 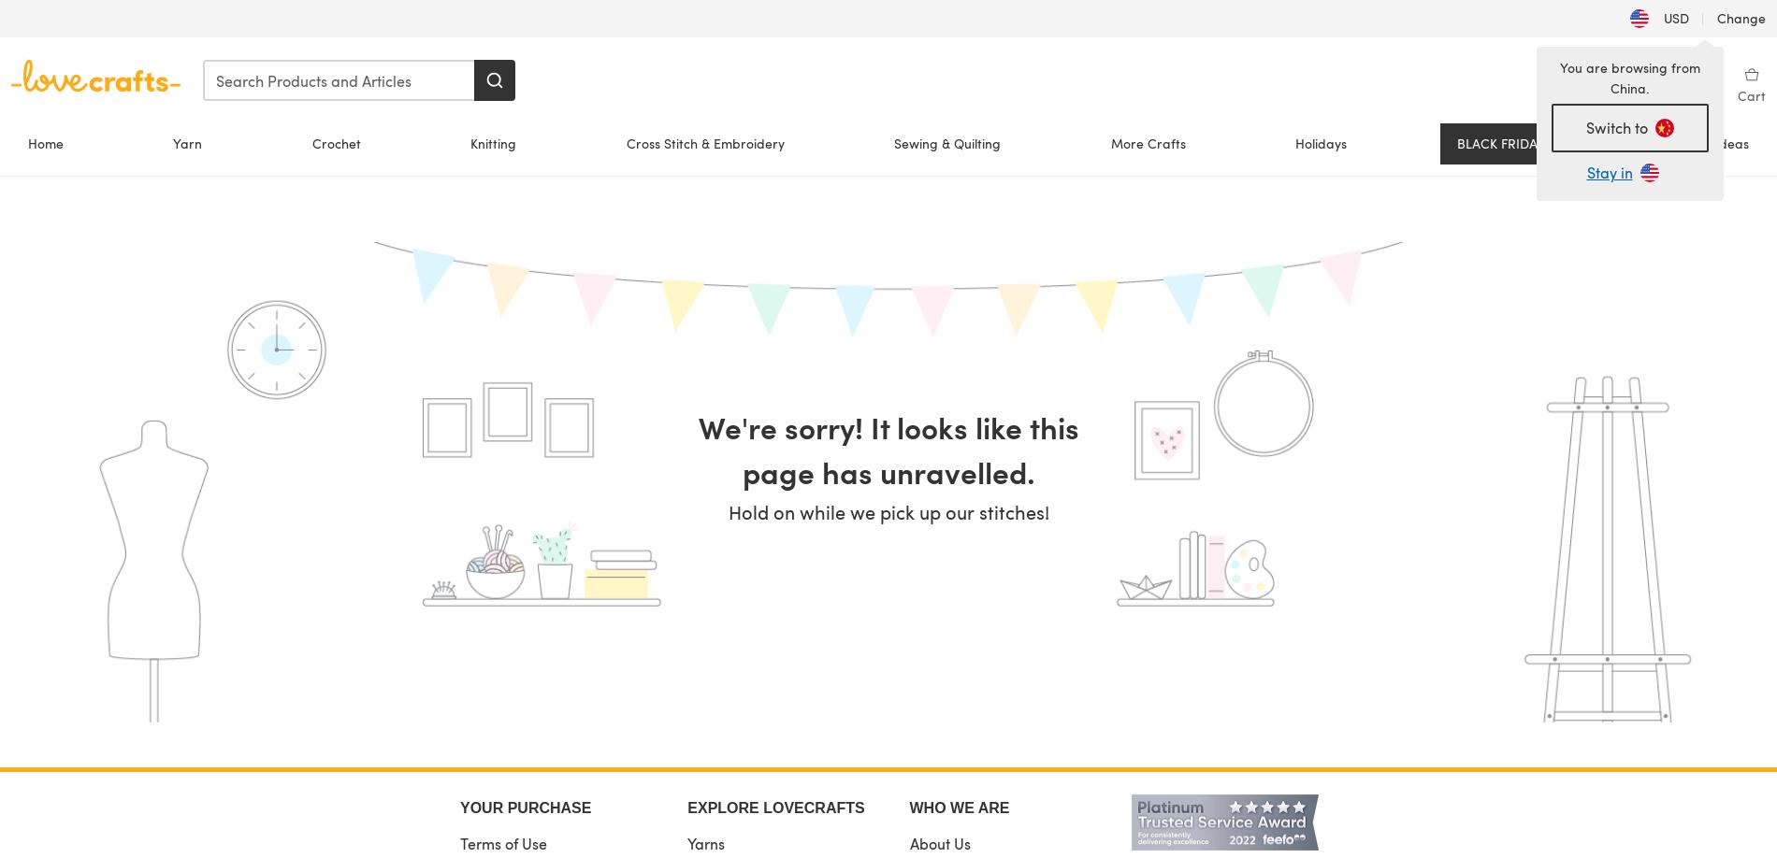 What do you see at coordinates (1499, 143) in the screenshot?
I see `'BLACK FRIDAY'` at bounding box center [1499, 143].